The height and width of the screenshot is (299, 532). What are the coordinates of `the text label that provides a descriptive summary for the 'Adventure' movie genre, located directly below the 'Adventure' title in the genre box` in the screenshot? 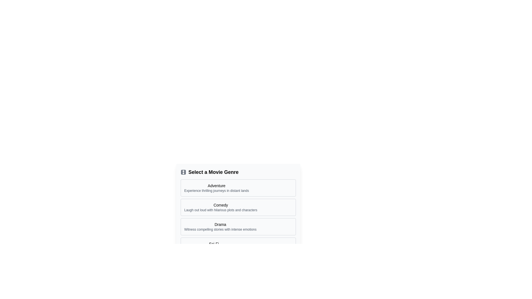 It's located at (216, 190).